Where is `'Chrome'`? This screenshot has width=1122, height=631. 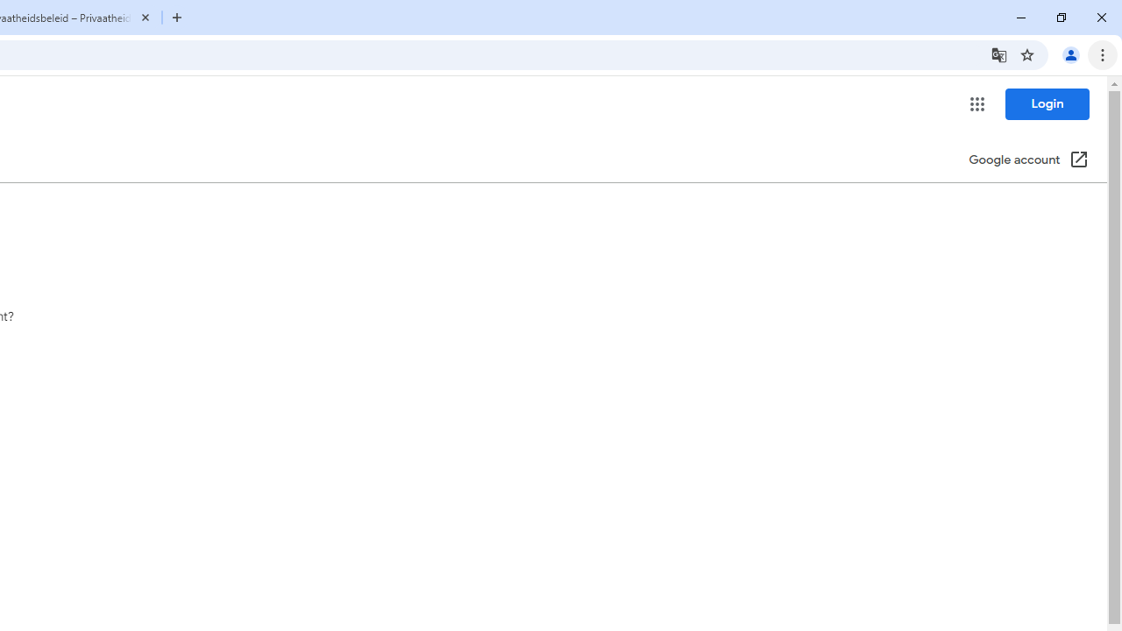 'Chrome' is located at coordinates (1104, 53).